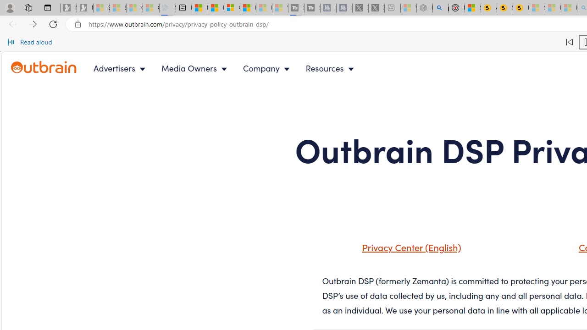 This screenshot has height=330, width=587. I want to click on 'Microsoft Start - Sleeping', so click(264, 8).